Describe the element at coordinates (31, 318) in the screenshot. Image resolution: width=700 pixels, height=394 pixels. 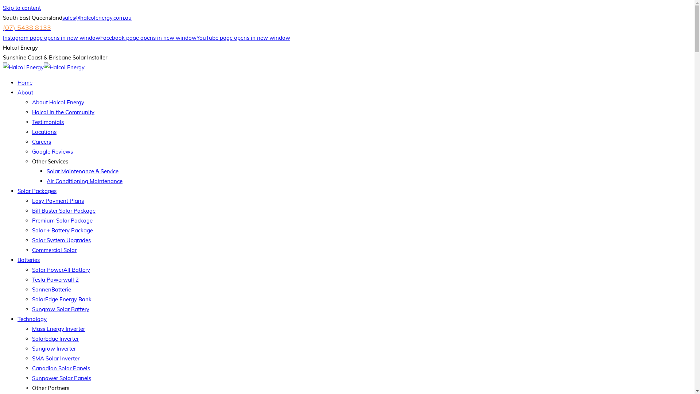
I see `'Technology'` at that location.